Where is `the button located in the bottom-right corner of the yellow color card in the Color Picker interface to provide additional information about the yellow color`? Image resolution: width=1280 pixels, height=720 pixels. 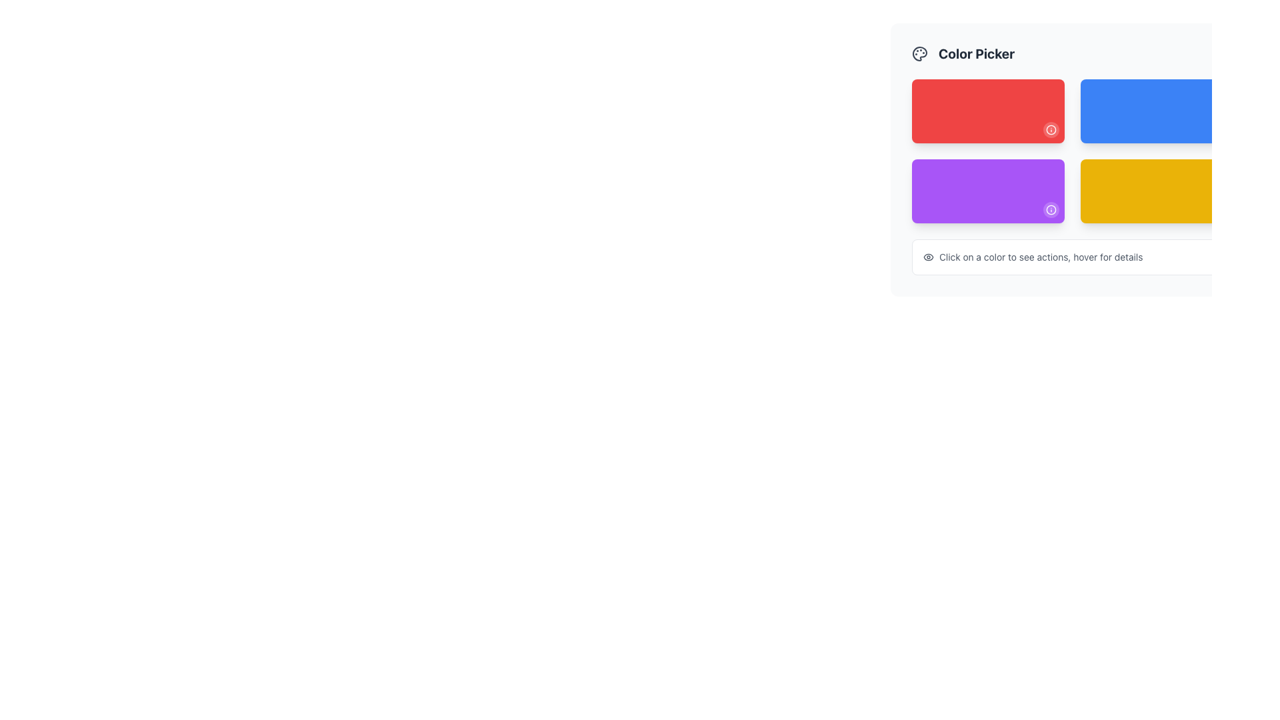
the button located in the bottom-right corner of the yellow color card in the Color Picker interface to provide additional information about the yellow color is located at coordinates (1220, 210).